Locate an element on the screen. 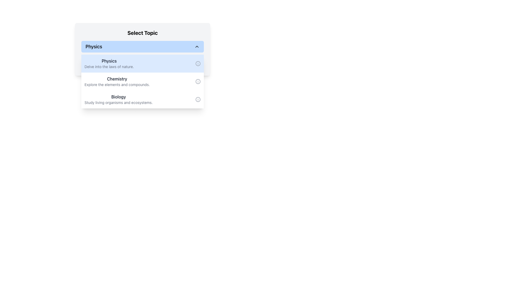 The width and height of the screenshot is (507, 285). the 'Physics' text label, which is displayed in bold, medium-sized dark gray font, positioned above the descriptive text in a dropdown menu under the 'Select Topic' section is located at coordinates (109, 61).